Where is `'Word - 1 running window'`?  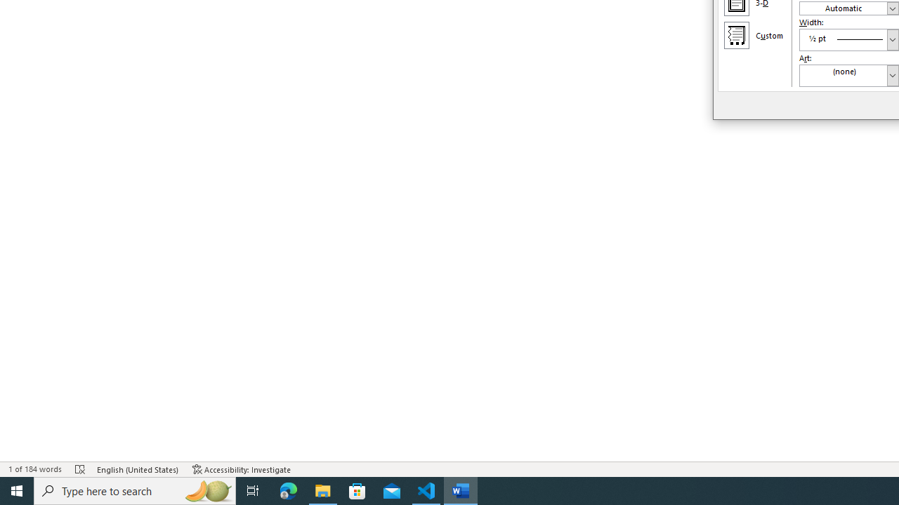 'Word - 1 running window' is located at coordinates (461, 490).